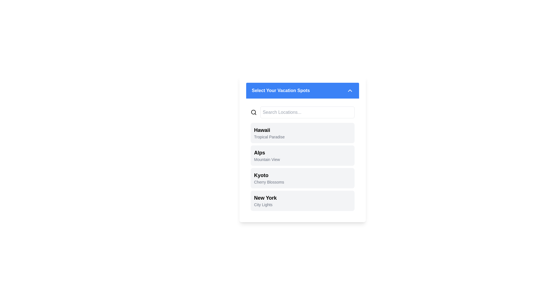 Image resolution: width=542 pixels, height=305 pixels. Describe the element at coordinates (269, 137) in the screenshot. I see `the static text label reading 'Tropical Paradise', which is located directly below the bold label 'Hawaii' and is aligned in a left-justified layout` at that location.